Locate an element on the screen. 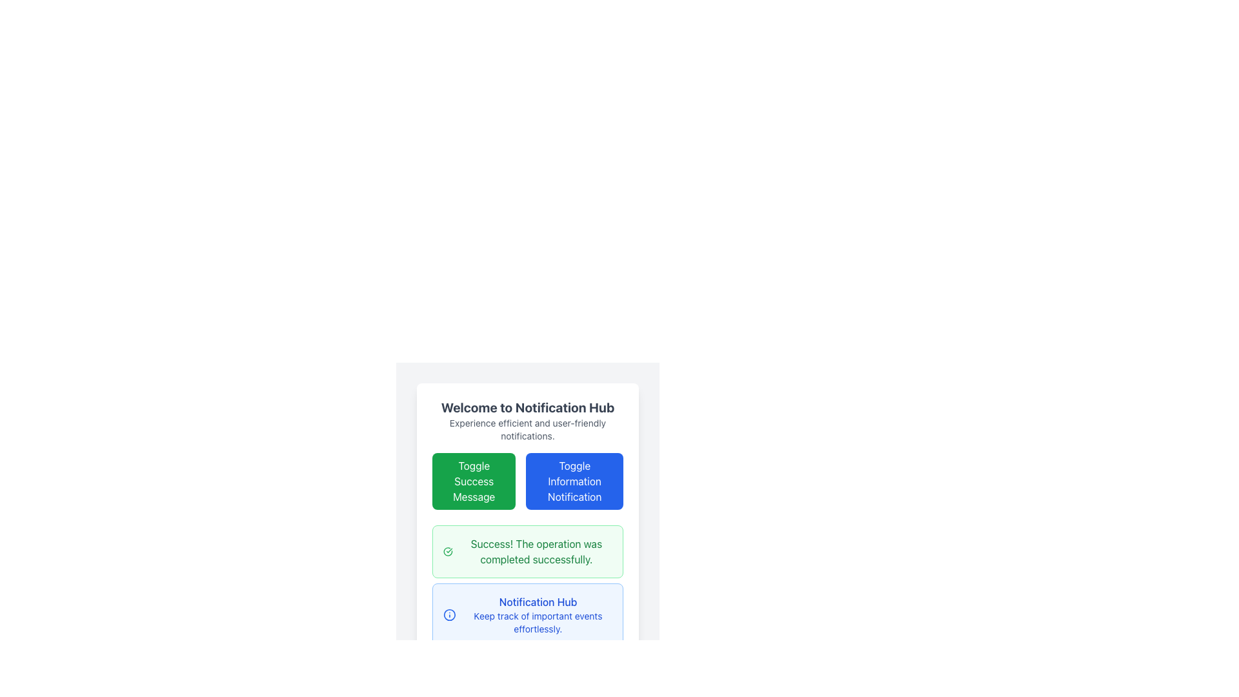 The image size is (1239, 697). the Informational Panel that features the bold blue text 'Notification Hub' and a smaller description 'Keep track of important events effortlessly', located at the bottom section of the interface card with a light blue background is located at coordinates (538, 614).